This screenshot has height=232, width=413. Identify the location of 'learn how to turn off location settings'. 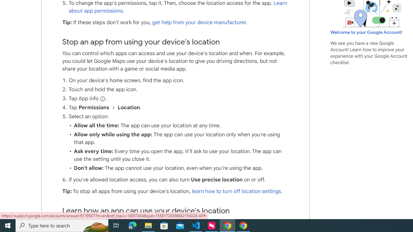
(236, 191).